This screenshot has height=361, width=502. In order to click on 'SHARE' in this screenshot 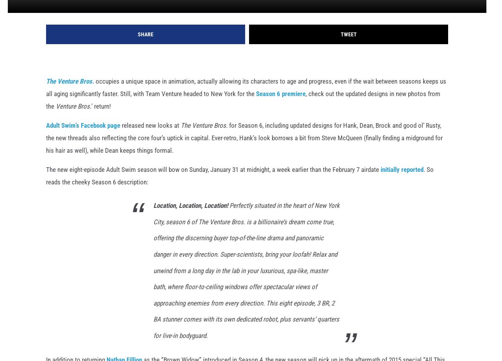, I will do `click(145, 46)`.